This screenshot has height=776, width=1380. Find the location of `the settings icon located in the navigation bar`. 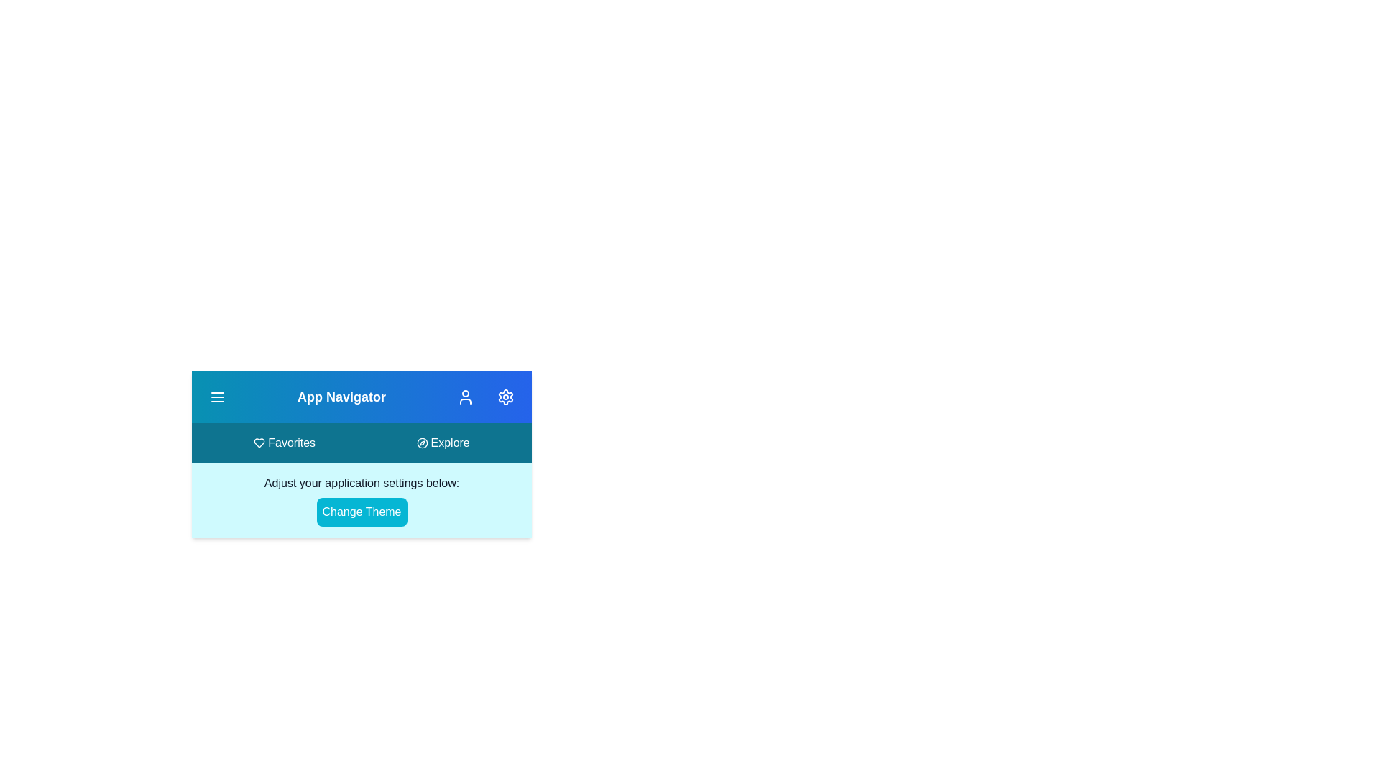

the settings icon located in the navigation bar is located at coordinates (506, 397).